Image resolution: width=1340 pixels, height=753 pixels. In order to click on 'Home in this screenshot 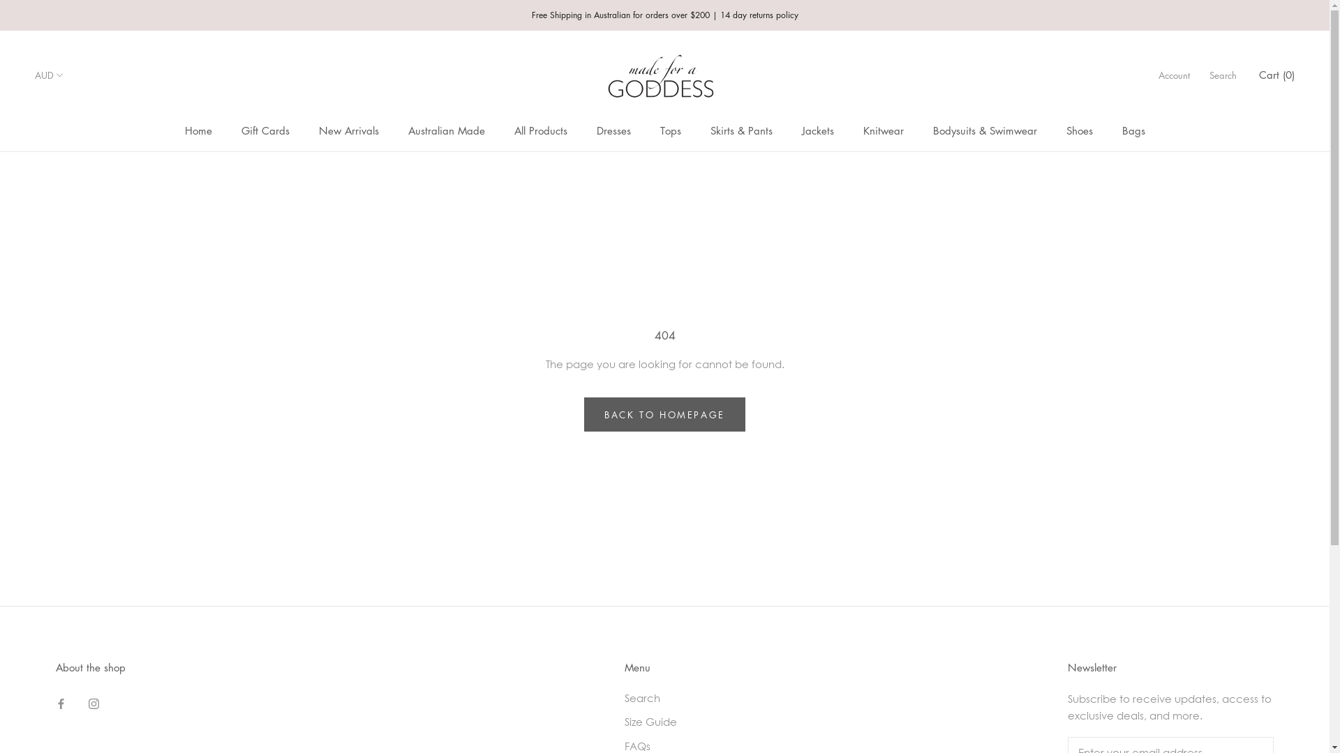, I will do `click(197, 130)`.